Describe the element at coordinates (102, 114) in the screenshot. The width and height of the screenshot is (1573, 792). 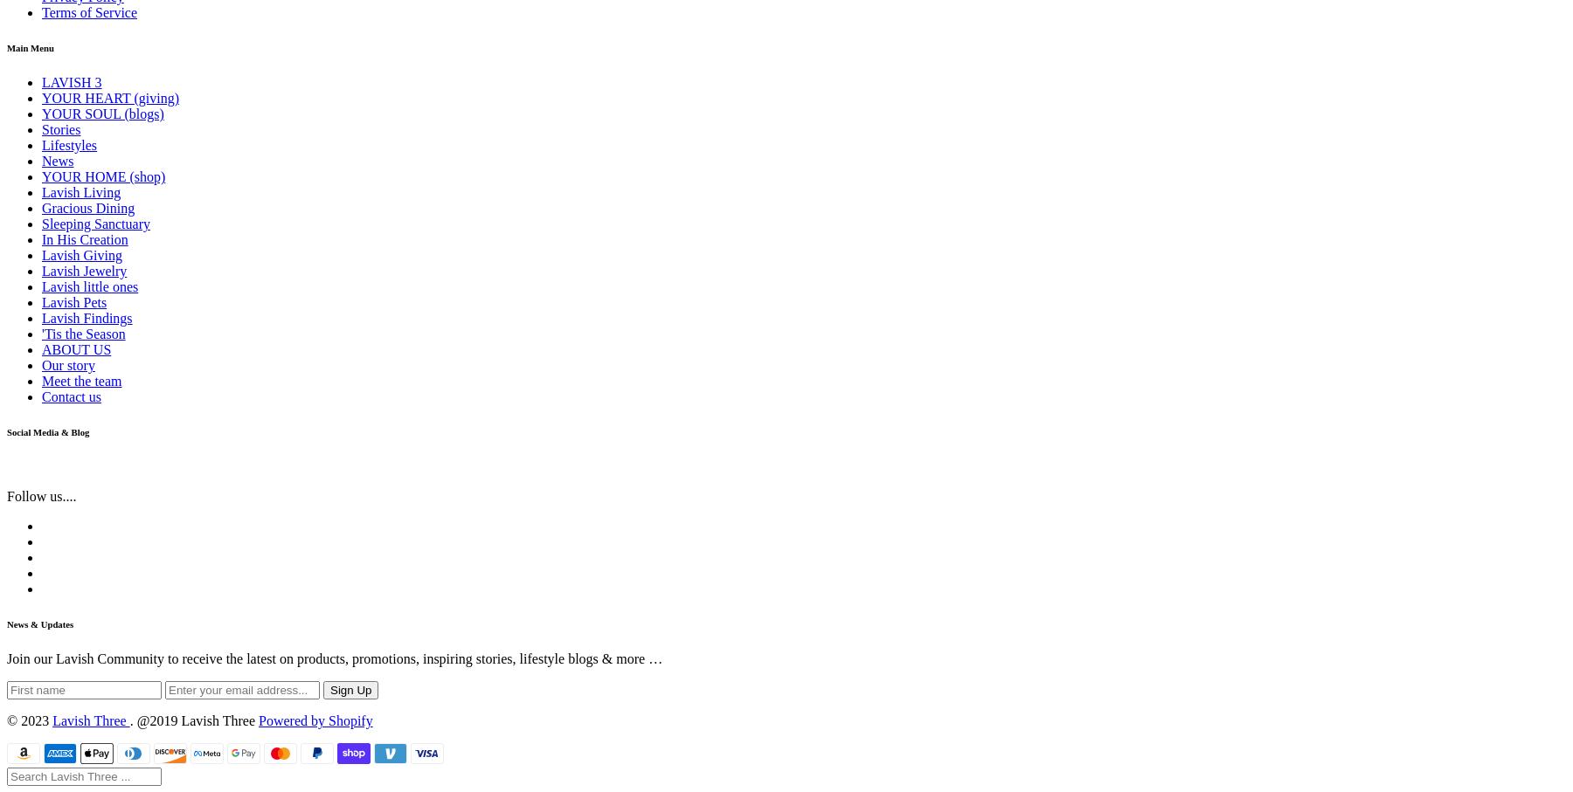
I see `'YOUR SOUL (blogs)'` at that location.